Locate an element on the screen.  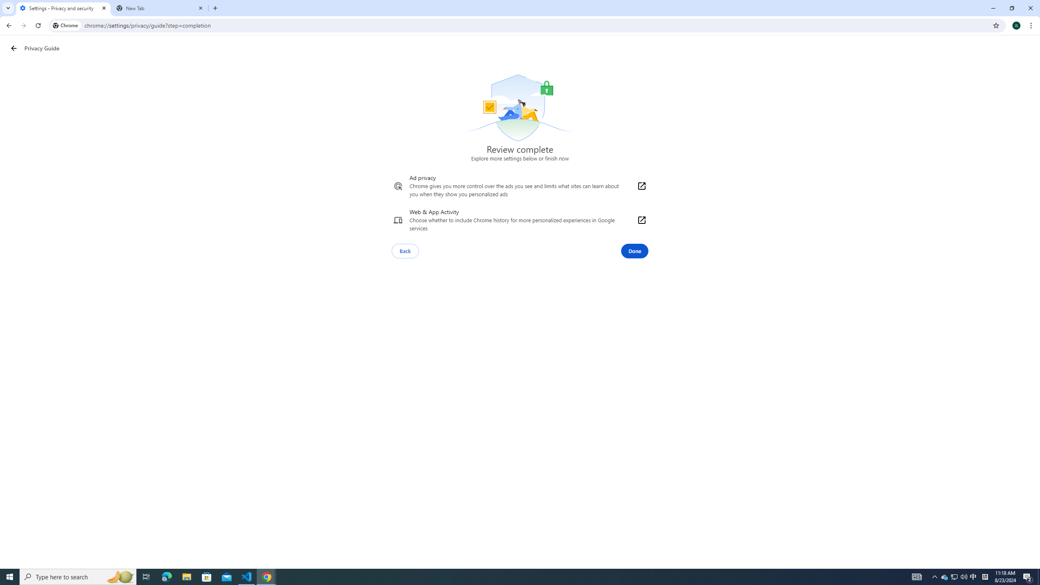
'Search tabs' is located at coordinates (8, 8).